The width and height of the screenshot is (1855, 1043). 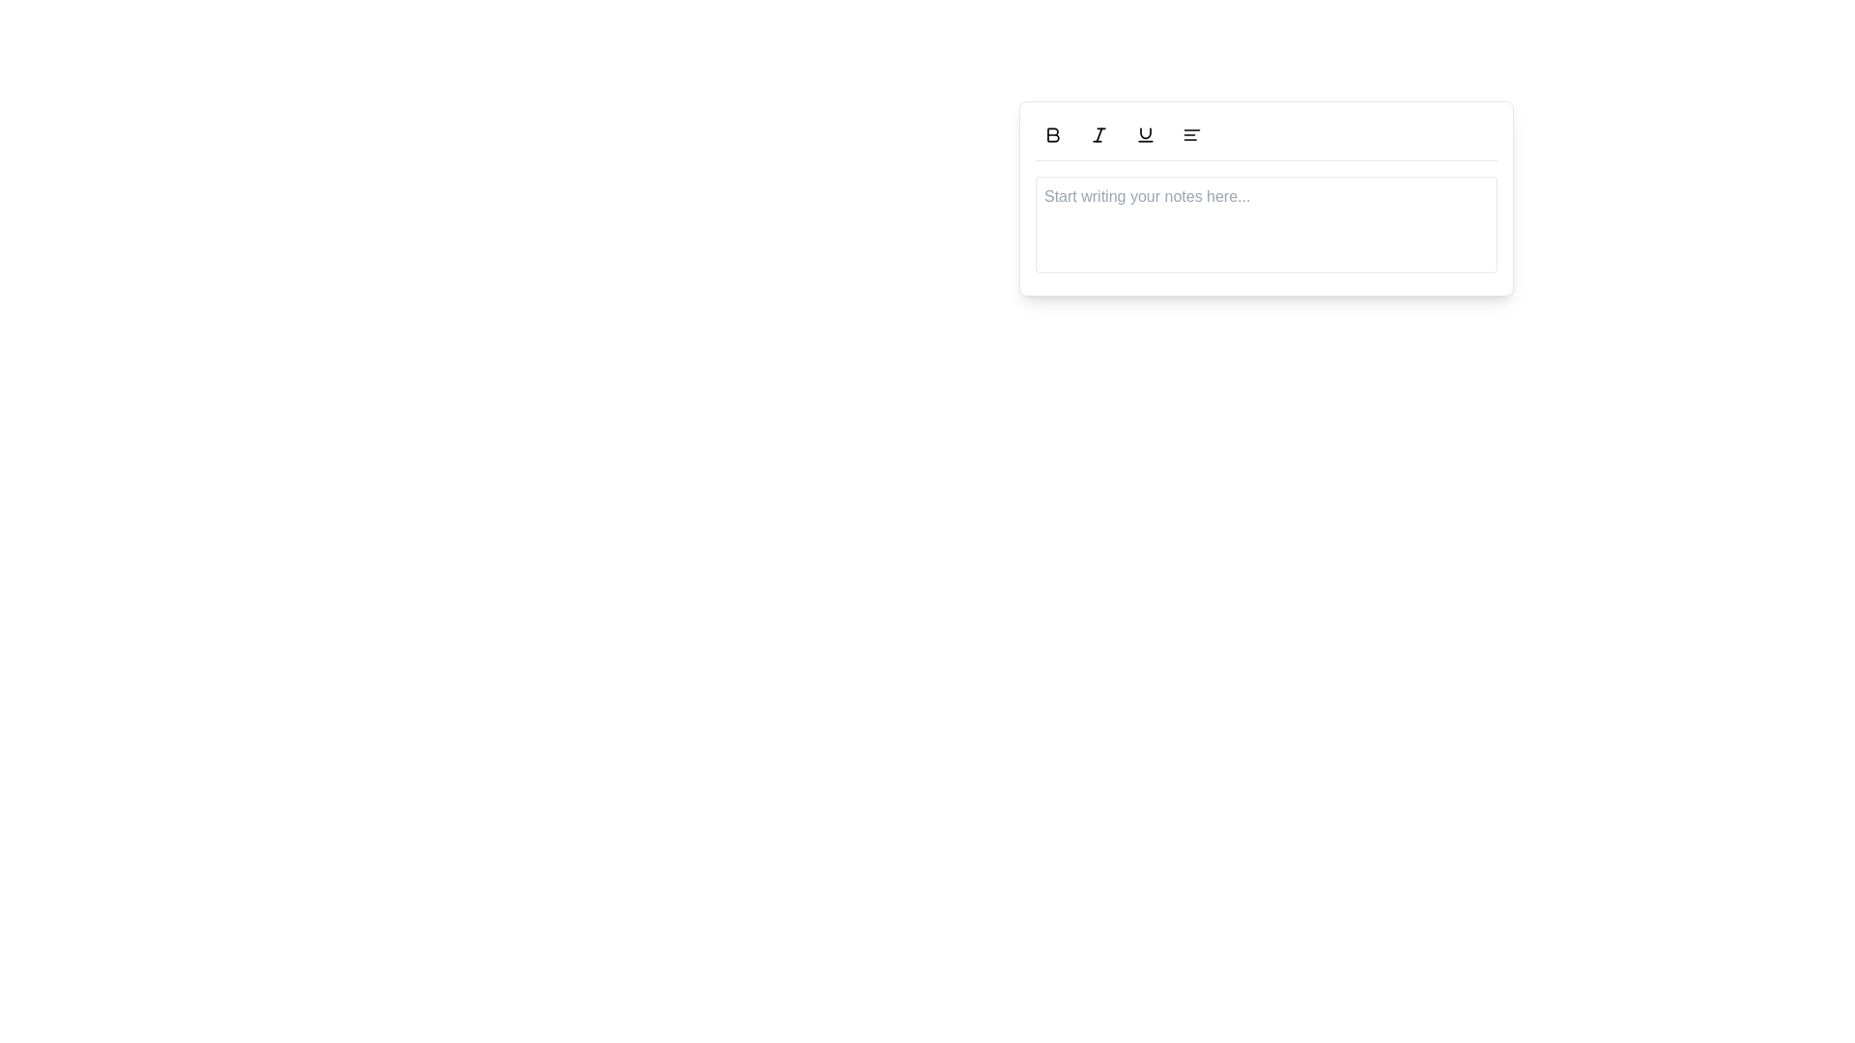 I want to click on the alignment-left SVG icon, which is a small icon with three horizontal lines, located in the top-center of the interface, so click(x=1190, y=133).